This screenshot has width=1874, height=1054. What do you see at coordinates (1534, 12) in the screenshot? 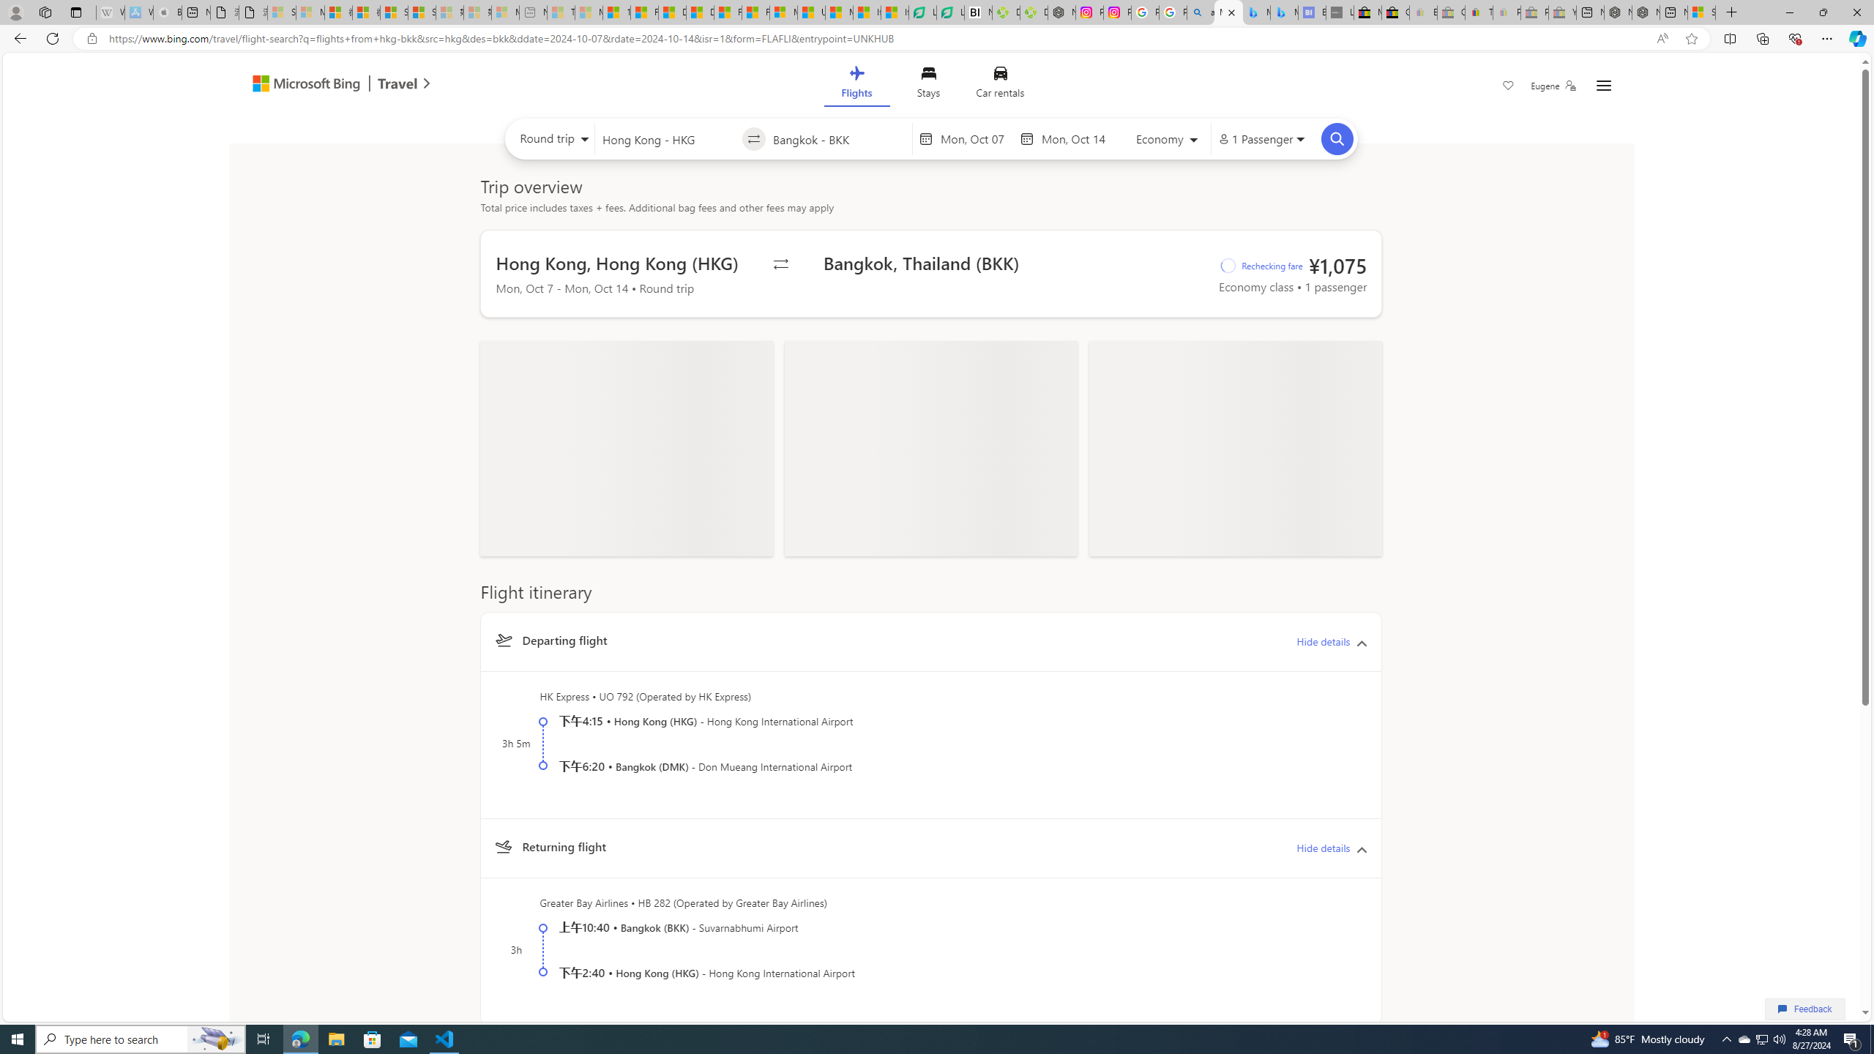
I see `'Press Room - eBay Inc. - Sleeping'` at bounding box center [1534, 12].